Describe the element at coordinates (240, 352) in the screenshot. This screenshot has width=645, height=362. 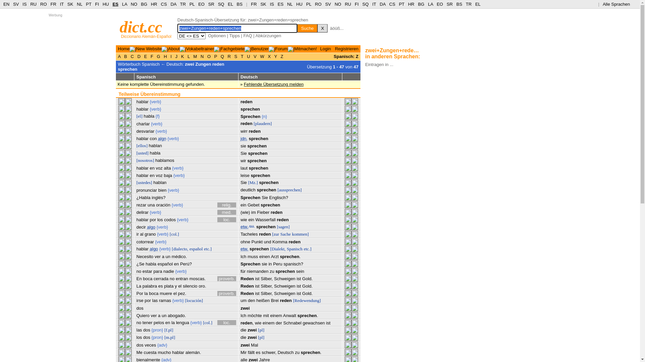
I see `'Mir'` at that location.